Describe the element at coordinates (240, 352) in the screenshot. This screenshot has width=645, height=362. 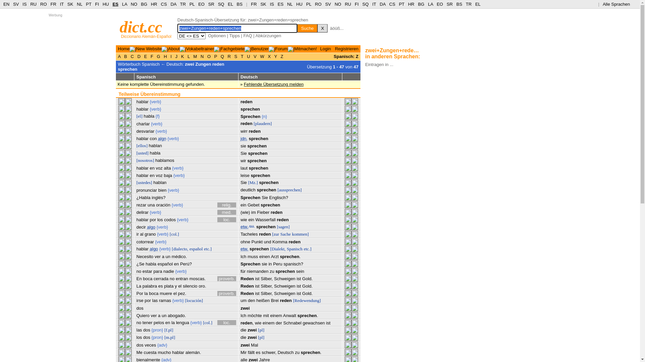
I see `'Mir'` at that location.